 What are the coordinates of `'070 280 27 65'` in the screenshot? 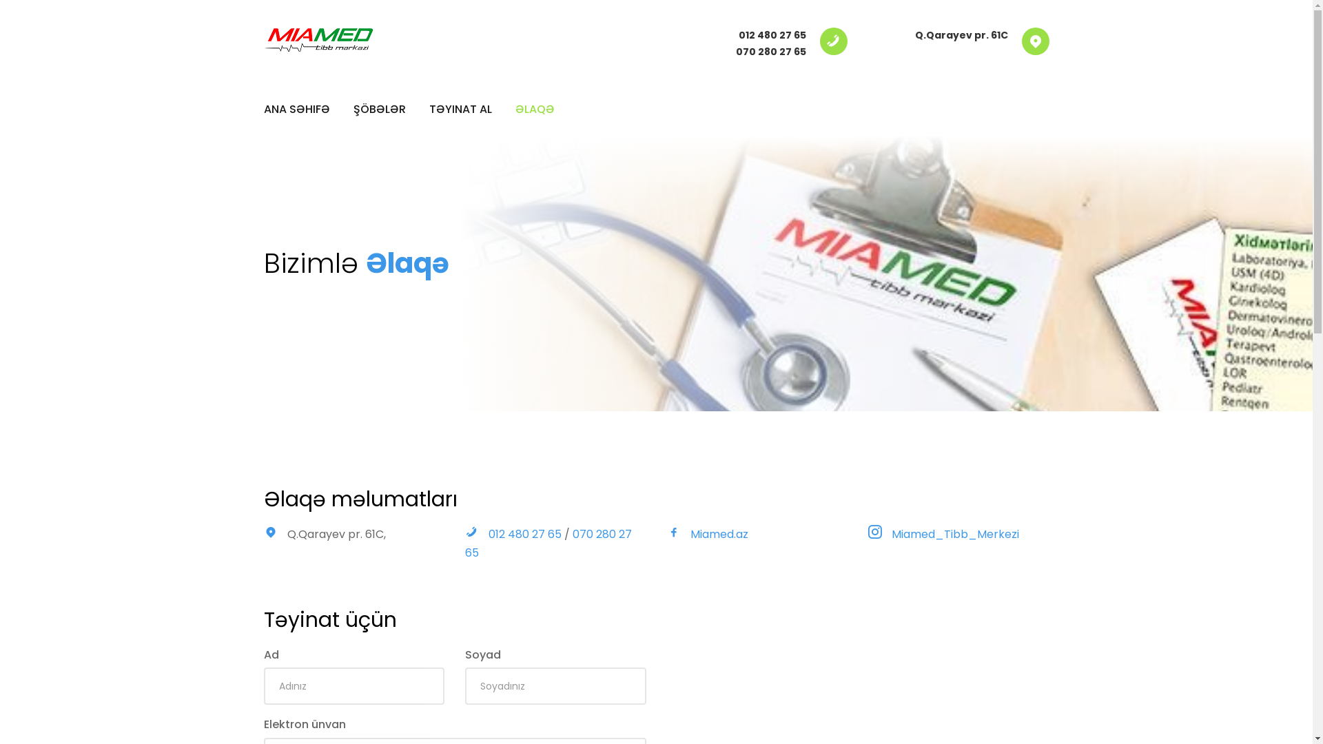 It's located at (770, 50).